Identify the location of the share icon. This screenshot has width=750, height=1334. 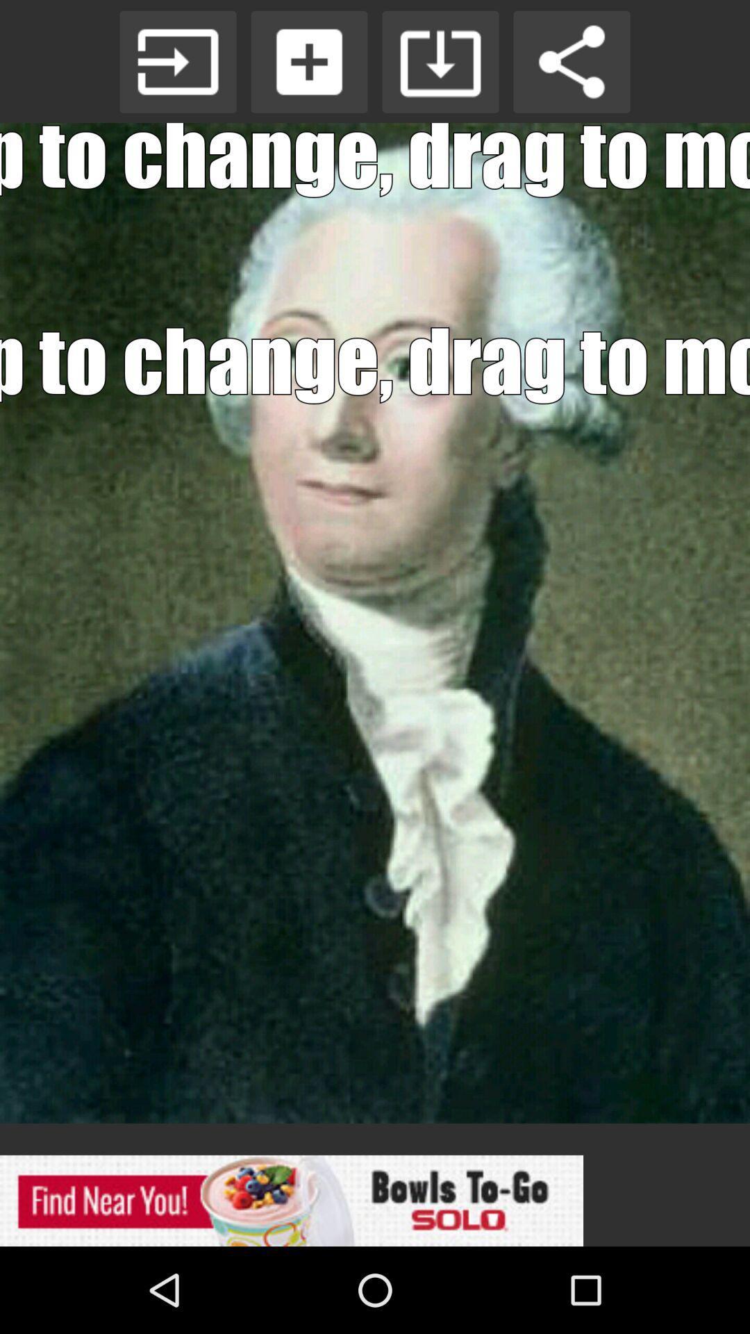
(572, 61).